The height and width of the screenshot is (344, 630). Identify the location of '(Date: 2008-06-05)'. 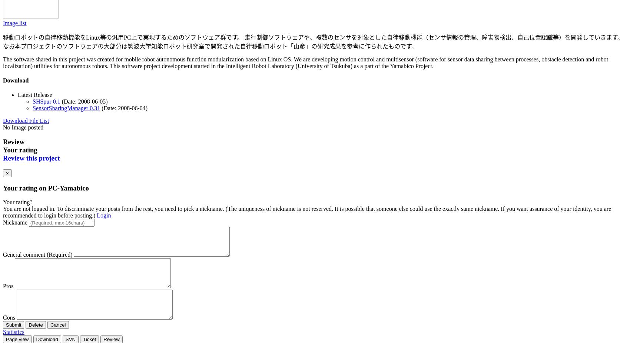
(83, 101).